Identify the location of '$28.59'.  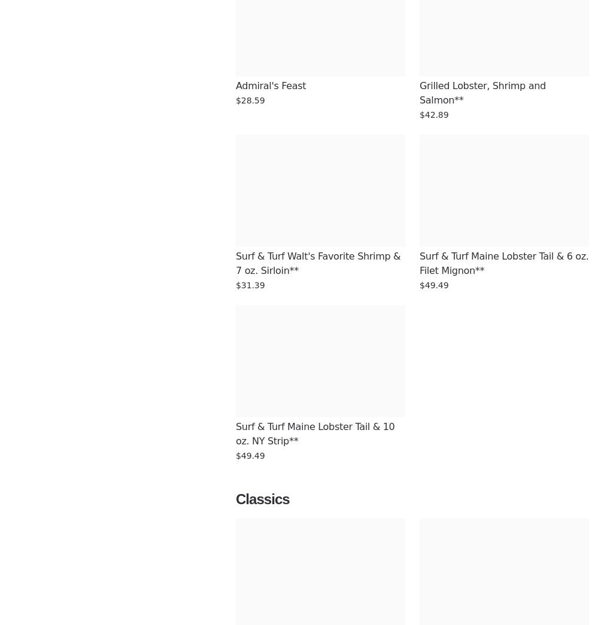
(235, 100).